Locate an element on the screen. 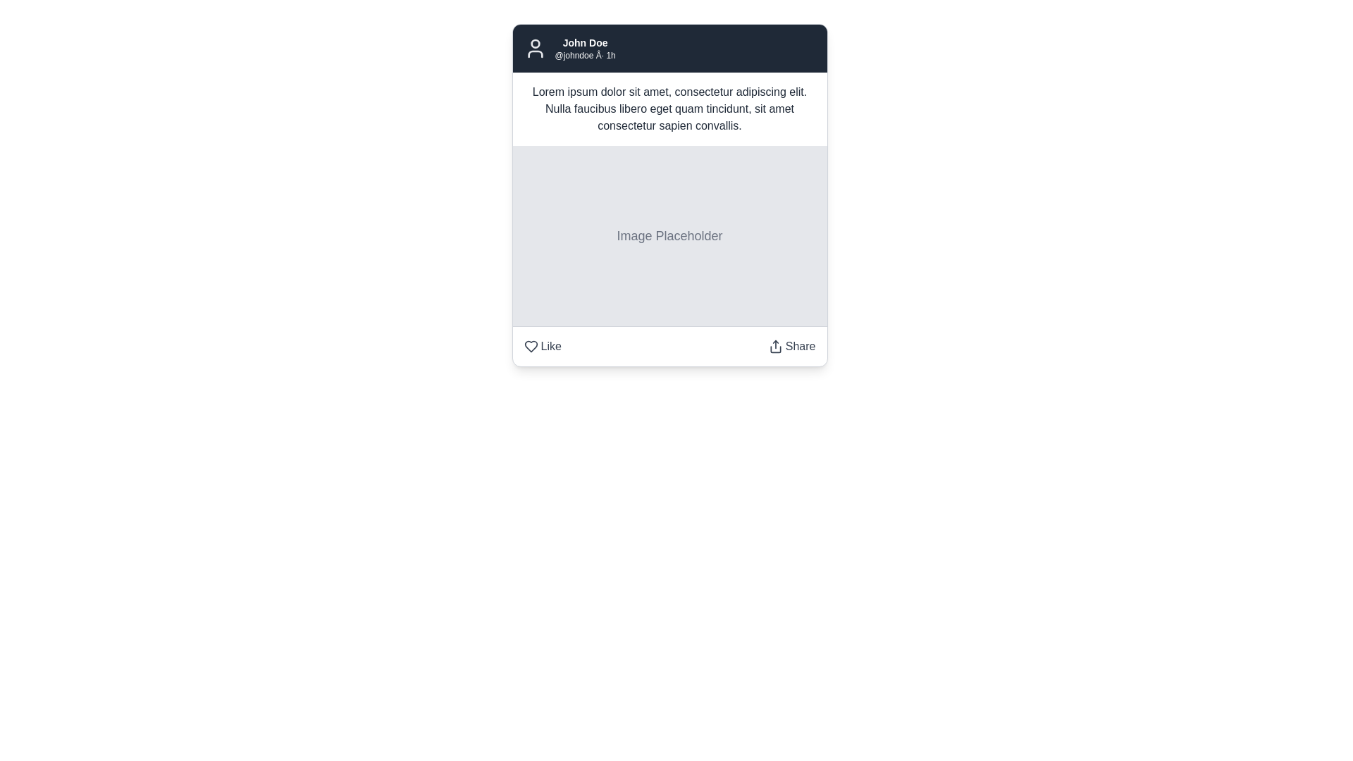 This screenshot has width=1353, height=761. the heart-shaped icon with a hollow center located next to the text 'Like' is located at coordinates (530, 347).